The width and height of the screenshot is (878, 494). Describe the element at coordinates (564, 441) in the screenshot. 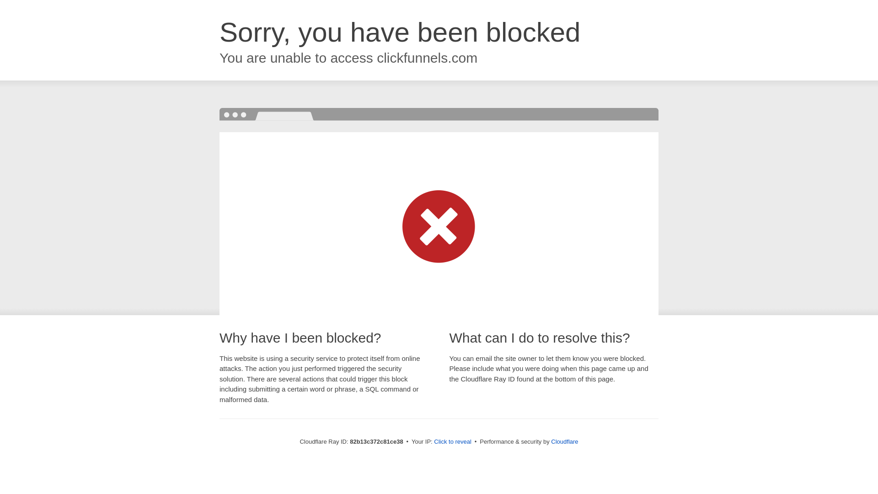

I see `'Cloudflare'` at that location.